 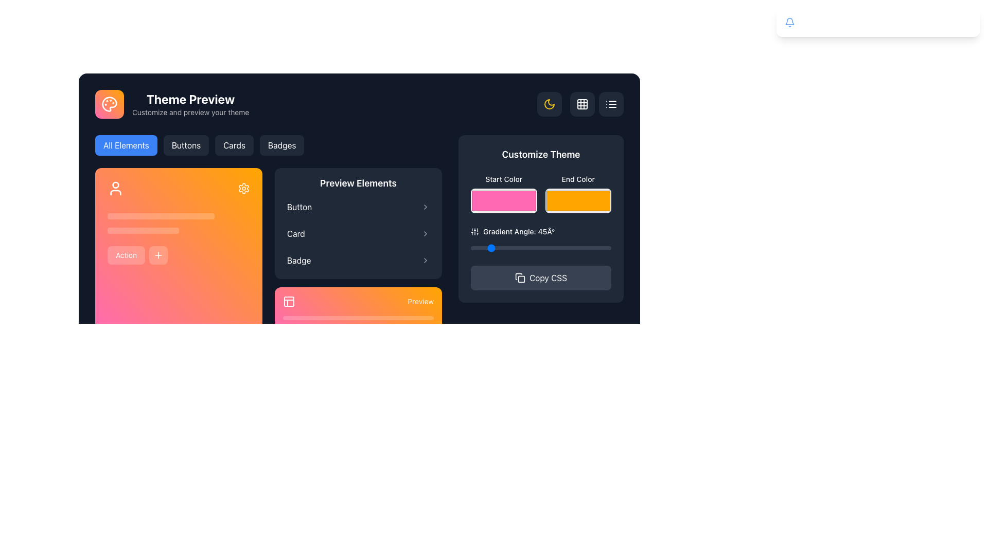 What do you see at coordinates (593, 248) in the screenshot?
I see `the gradient angle` at bounding box center [593, 248].